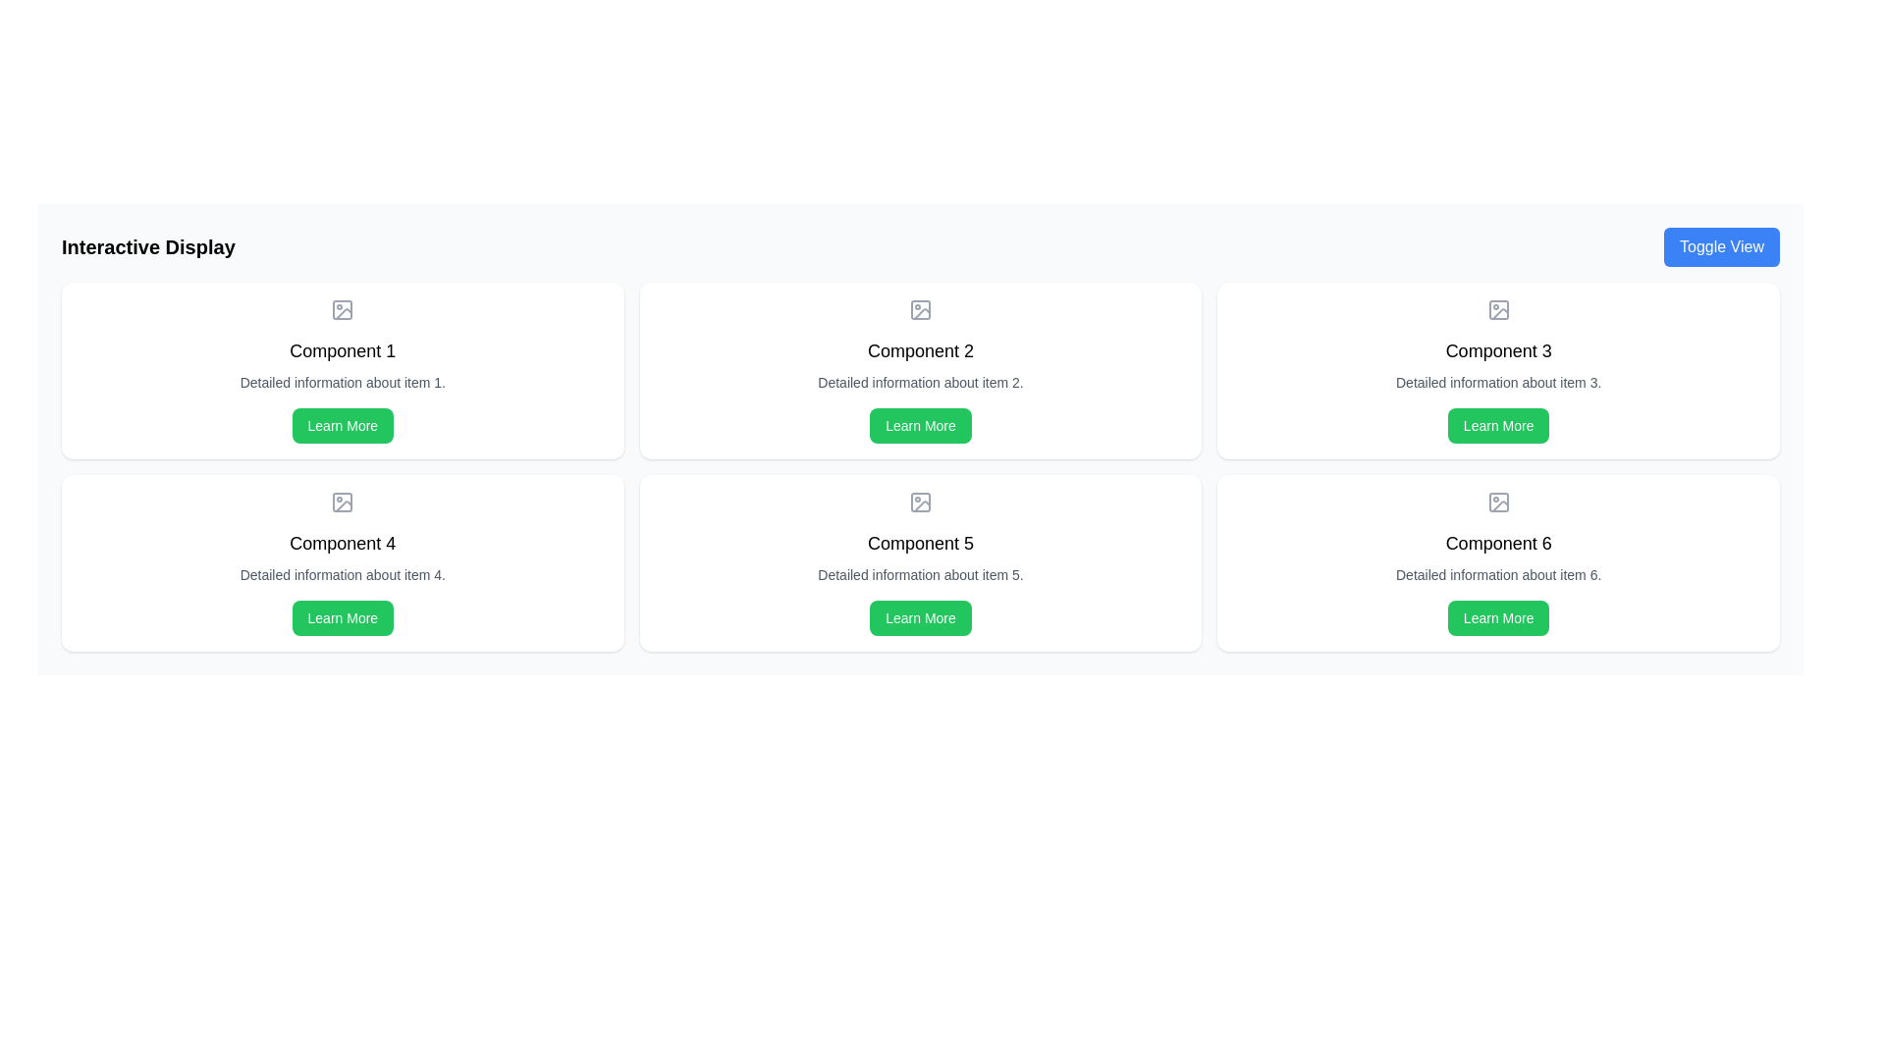 The height and width of the screenshot is (1060, 1885). Describe the element at coordinates (919, 574) in the screenshot. I see `text label displaying 'Detailed information about item 5.' located below the heading 'Component 5' in the second row and third column of the grid layout` at that location.